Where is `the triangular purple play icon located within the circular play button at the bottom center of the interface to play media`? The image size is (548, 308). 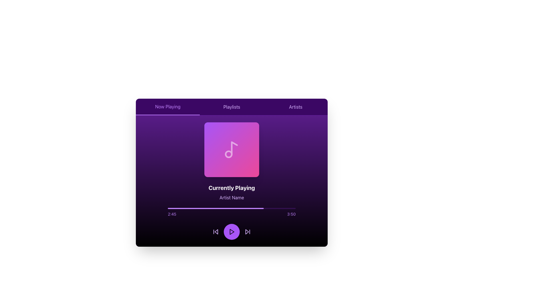 the triangular purple play icon located within the circular play button at the bottom center of the interface to play media is located at coordinates (232, 232).